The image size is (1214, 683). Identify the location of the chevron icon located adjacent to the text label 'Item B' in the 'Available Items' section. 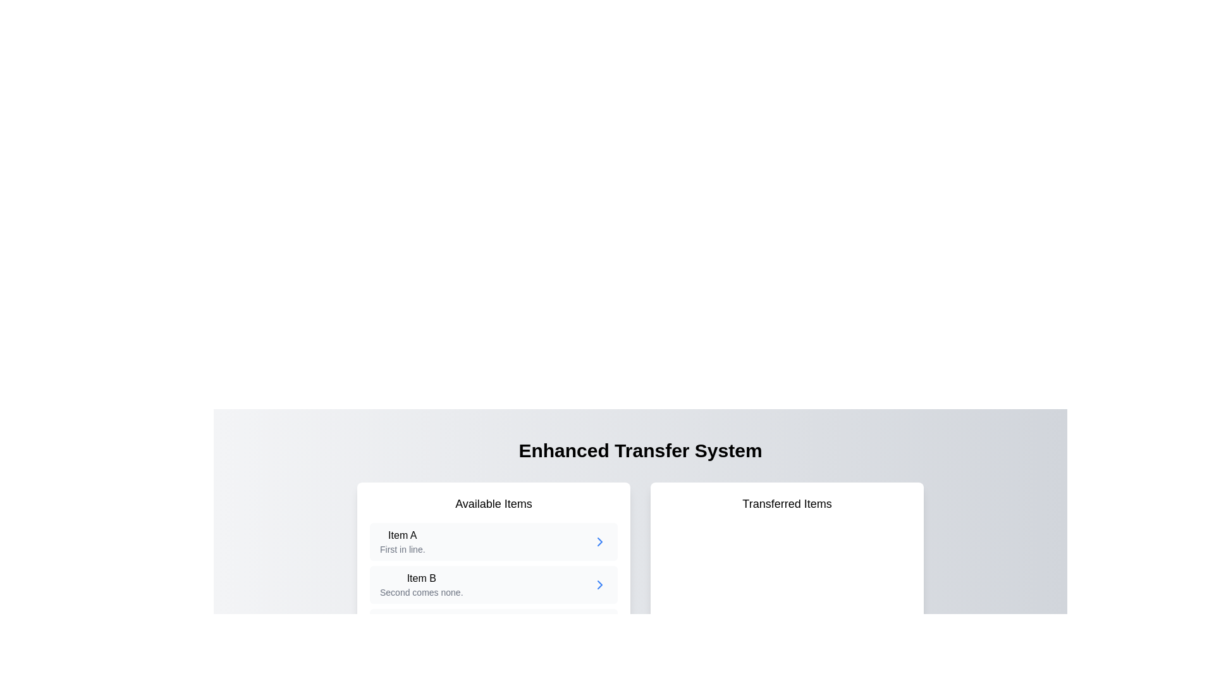
(599, 541).